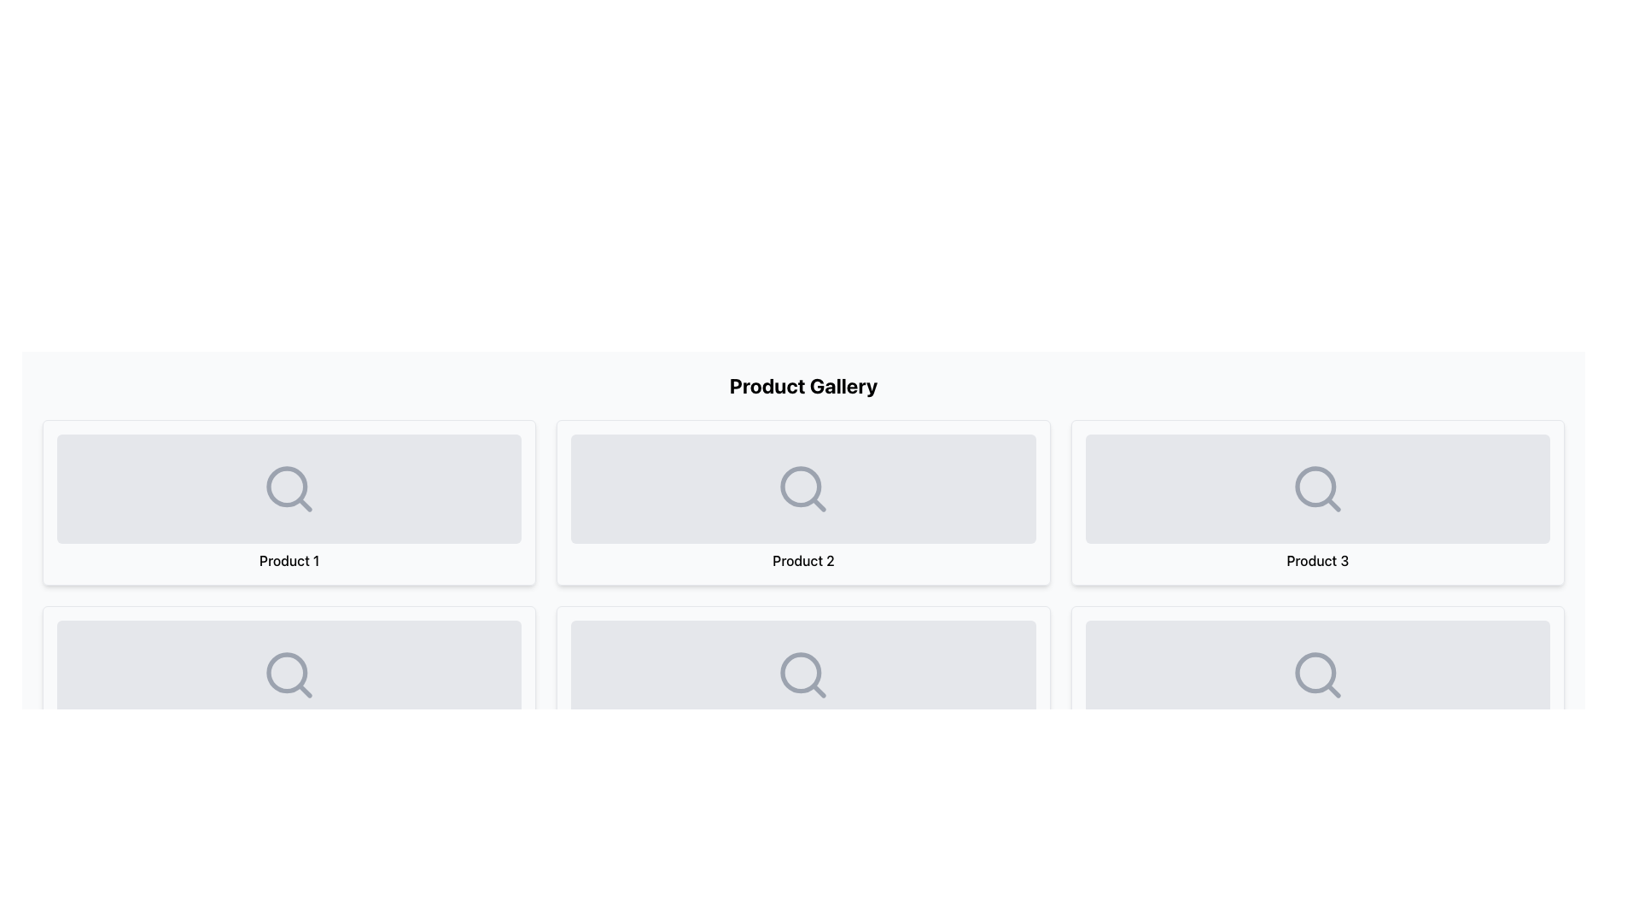 This screenshot has height=922, width=1639. I want to click on the Text Label that serves as a descriptive identifier for the product, located in the center of the page within a bordered rectangular section of the grid, being the third product in the first row, so click(1316, 560).